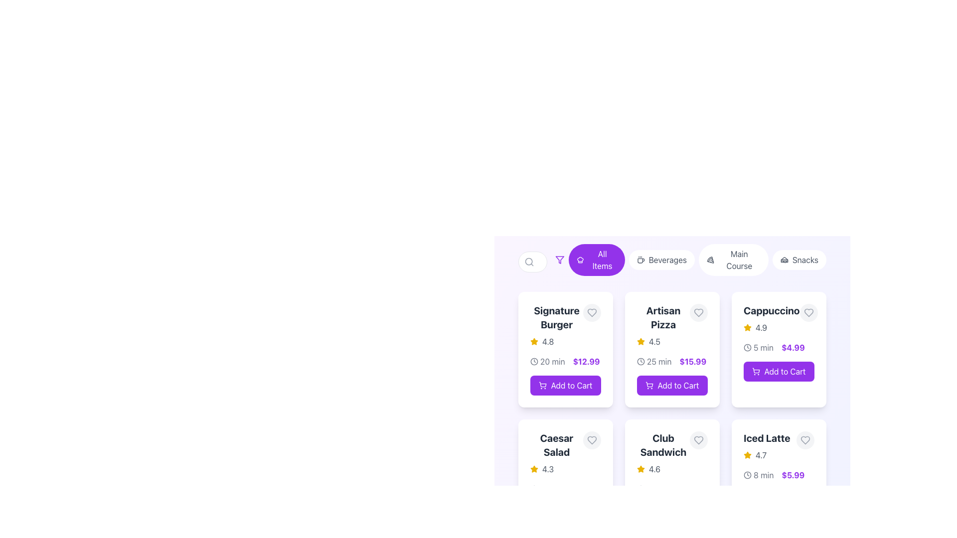 The width and height of the screenshot is (957, 538). Describe the element at coordinates (747, 455) in the screenshot. I see `the representation of the yellow star icon that indicates a rating of '4.7' for the item labeled 'Iced Latte', located in the bottom-right corner of the menu grid` at that location.